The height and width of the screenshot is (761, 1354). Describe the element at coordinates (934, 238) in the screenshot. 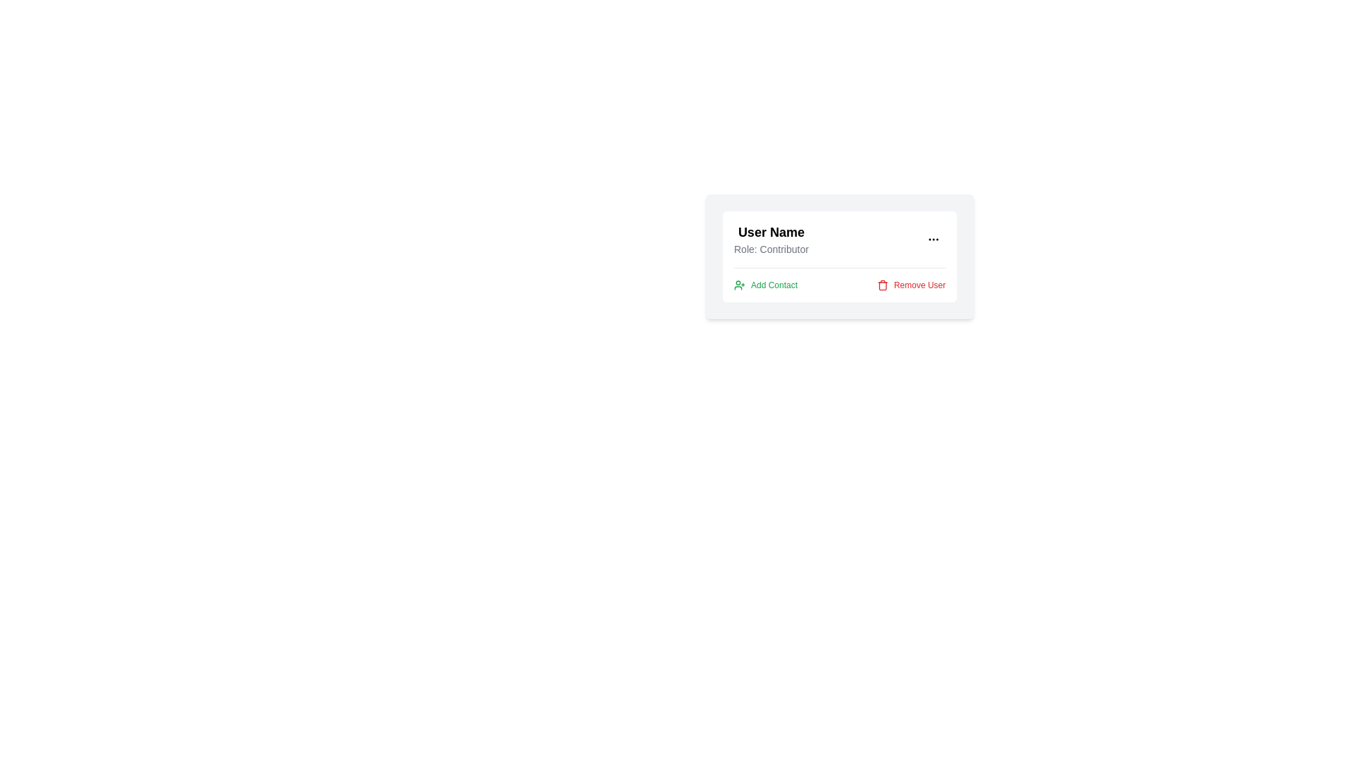

I see `the horizontal ellipsis icon located at the top-right corner of the user information card` at that location.